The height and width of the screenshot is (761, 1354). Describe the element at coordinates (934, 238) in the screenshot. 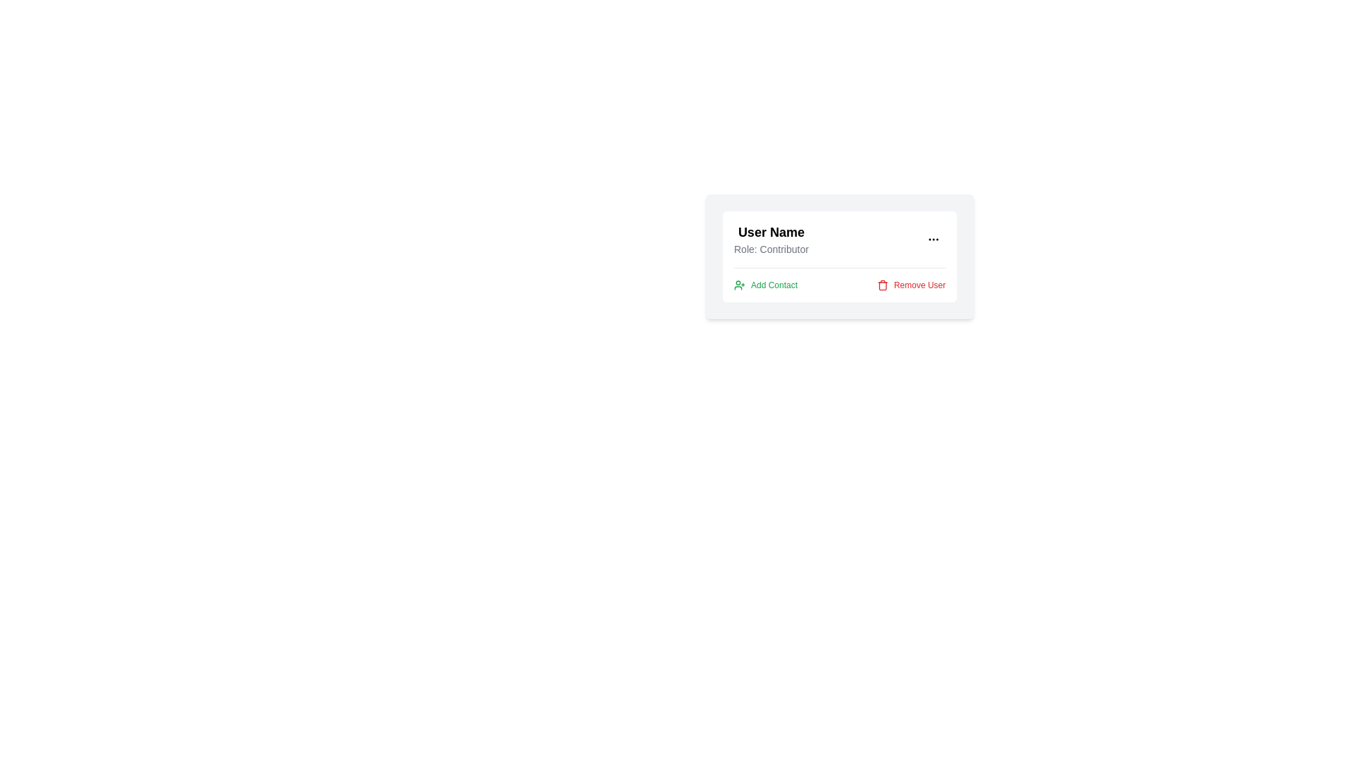

I see `the horizontal ellipsis icon located at the top-right corner of the user information card` at that location.